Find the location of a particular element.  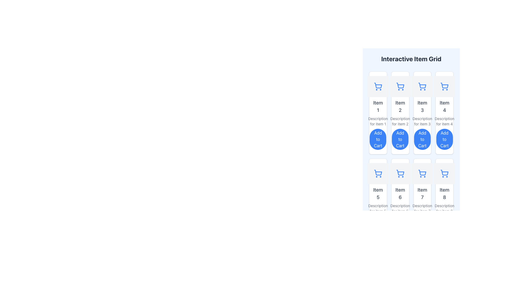

the blue cart icon located in the second row and third column of the grid is located at coordinates (422, 173).